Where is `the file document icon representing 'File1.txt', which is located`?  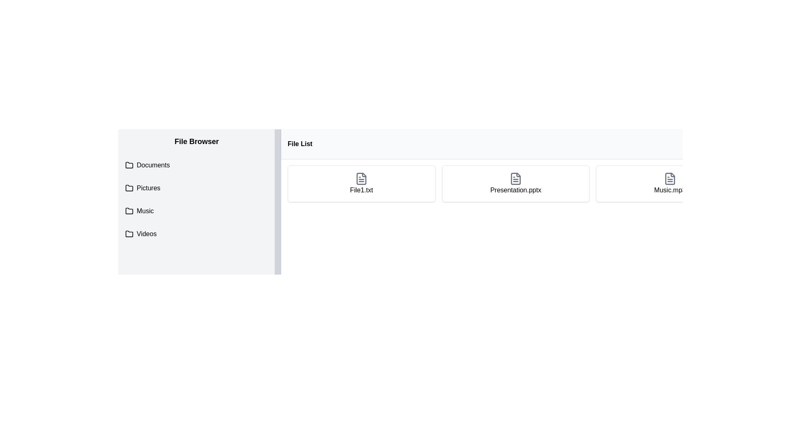
the file document icon representing 'File1.txt', which is located is located at coordinates (361, 178).